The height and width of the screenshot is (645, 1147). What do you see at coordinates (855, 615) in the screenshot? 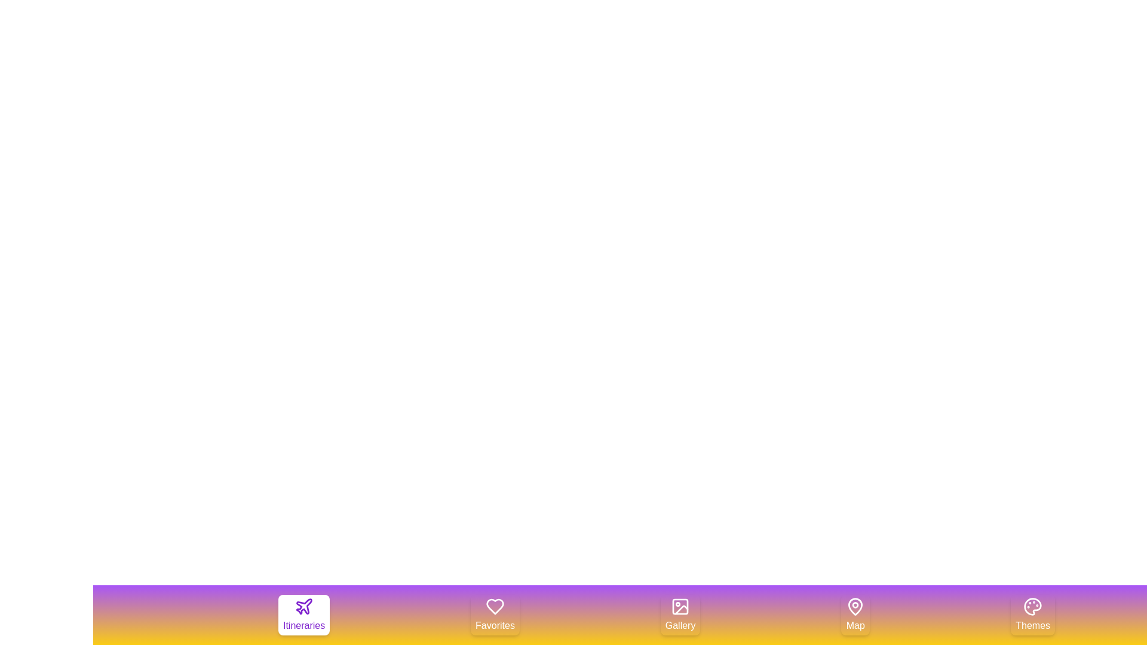
I see `the tab labeled Map to observe its hover effect` at bounding box center [855, 615].